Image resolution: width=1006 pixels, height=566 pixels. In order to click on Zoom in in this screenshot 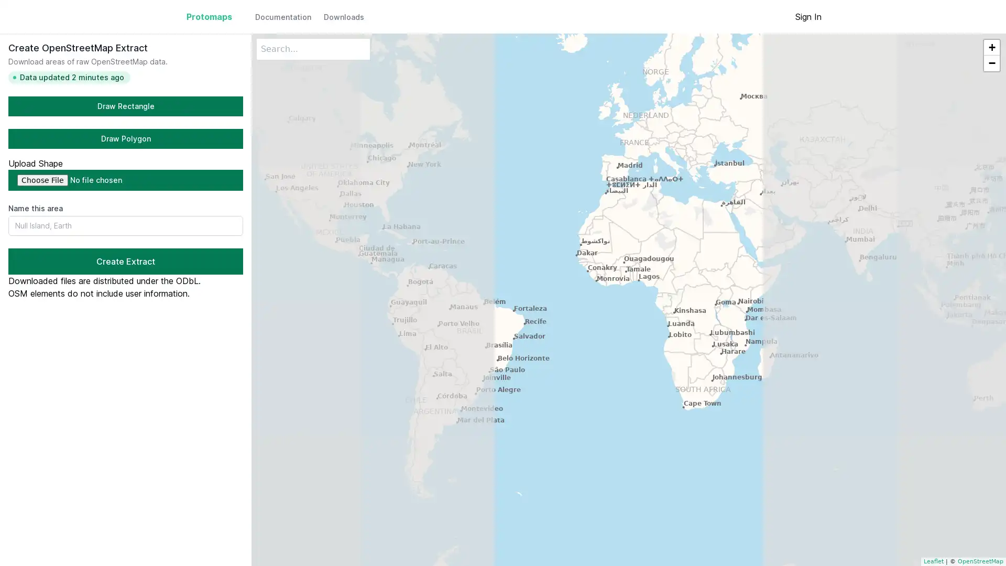, I will do `click(991, 48)`.